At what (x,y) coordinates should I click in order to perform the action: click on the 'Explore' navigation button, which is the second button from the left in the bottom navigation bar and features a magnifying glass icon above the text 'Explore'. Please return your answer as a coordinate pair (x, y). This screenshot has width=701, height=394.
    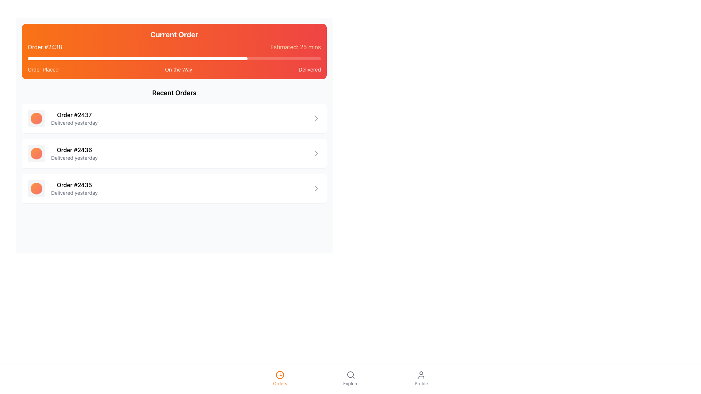
    Looking at the image, I should click on (350, 378).